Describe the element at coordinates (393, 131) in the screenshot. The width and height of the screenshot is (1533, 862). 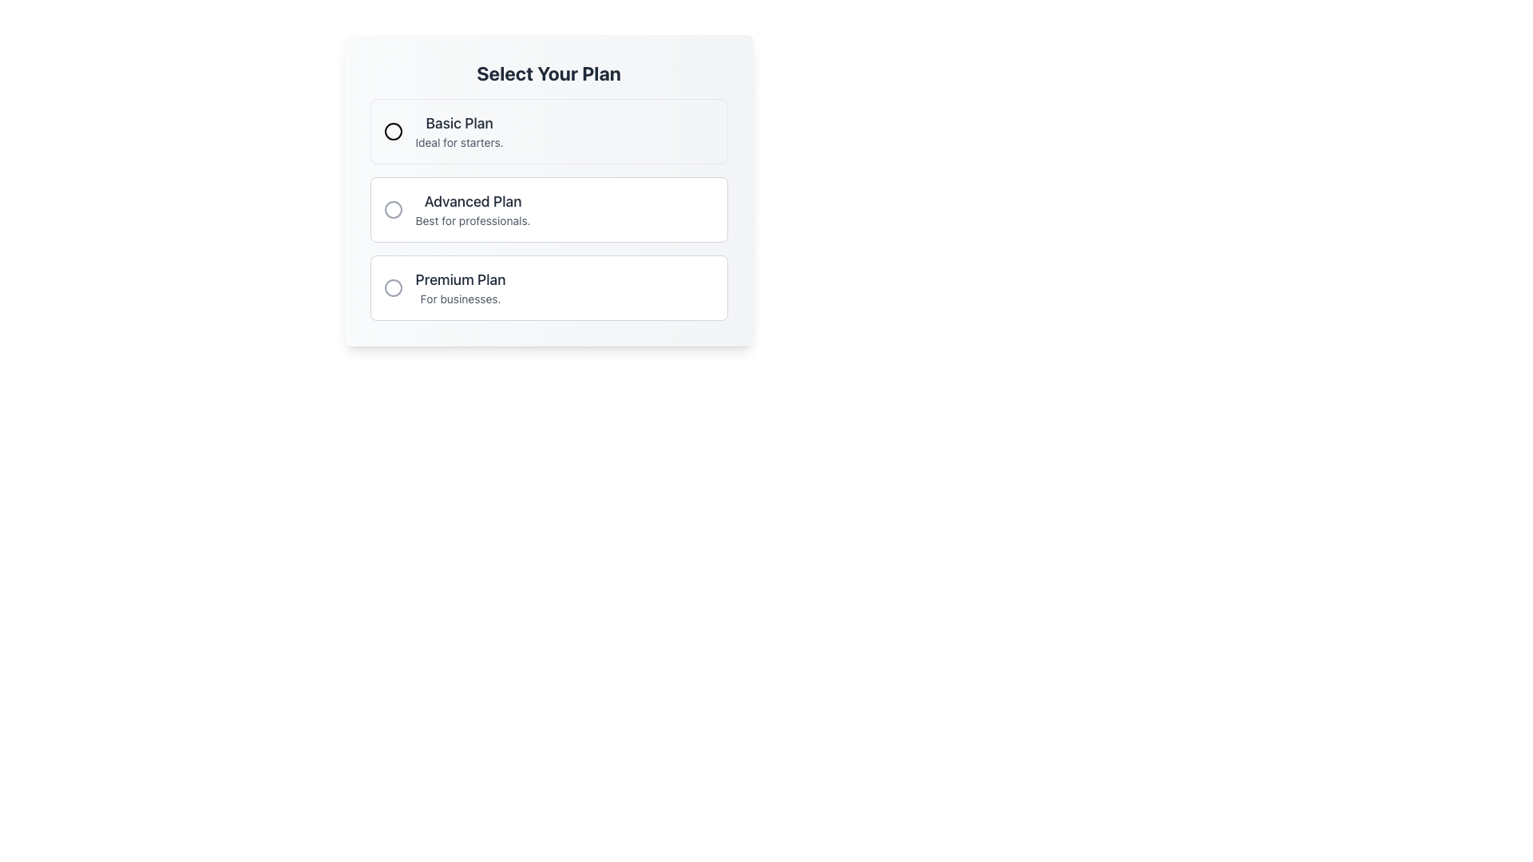
I see `the circular radio button icon` at that location.